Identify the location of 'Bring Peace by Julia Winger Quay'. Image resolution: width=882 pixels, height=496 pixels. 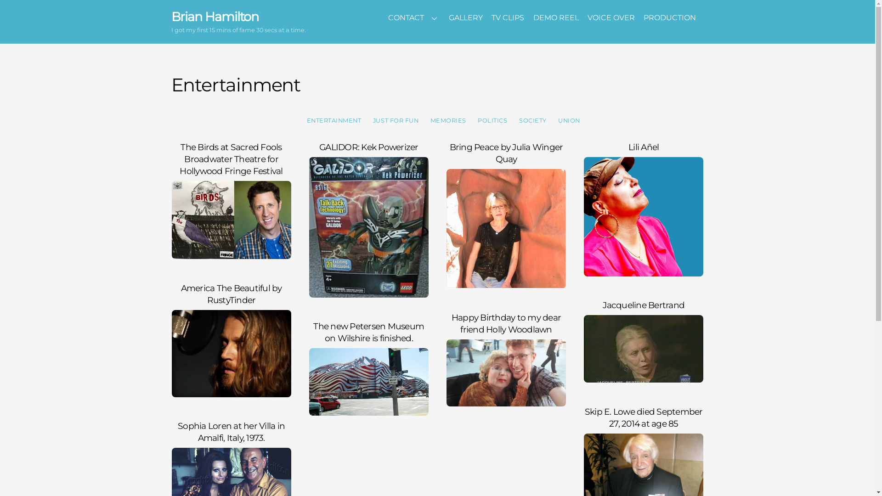
(446, 228).